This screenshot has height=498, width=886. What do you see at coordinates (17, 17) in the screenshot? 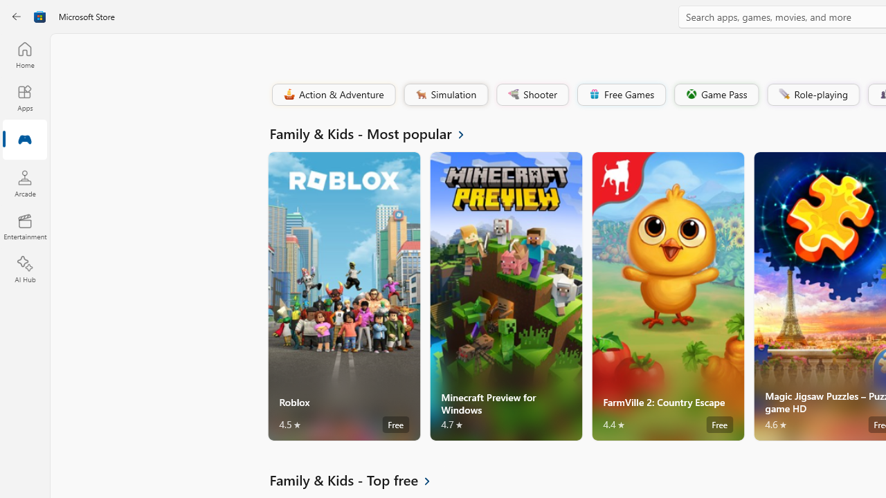
I see `'Back'` at bounding box center [17, 17].